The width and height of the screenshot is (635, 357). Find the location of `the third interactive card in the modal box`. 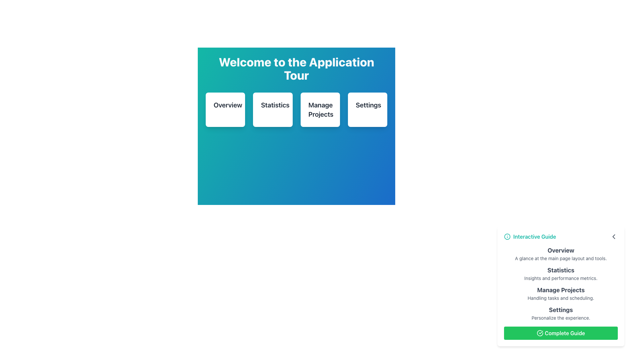

the third interactive card in the modal box is located at coordinates (296, 122).